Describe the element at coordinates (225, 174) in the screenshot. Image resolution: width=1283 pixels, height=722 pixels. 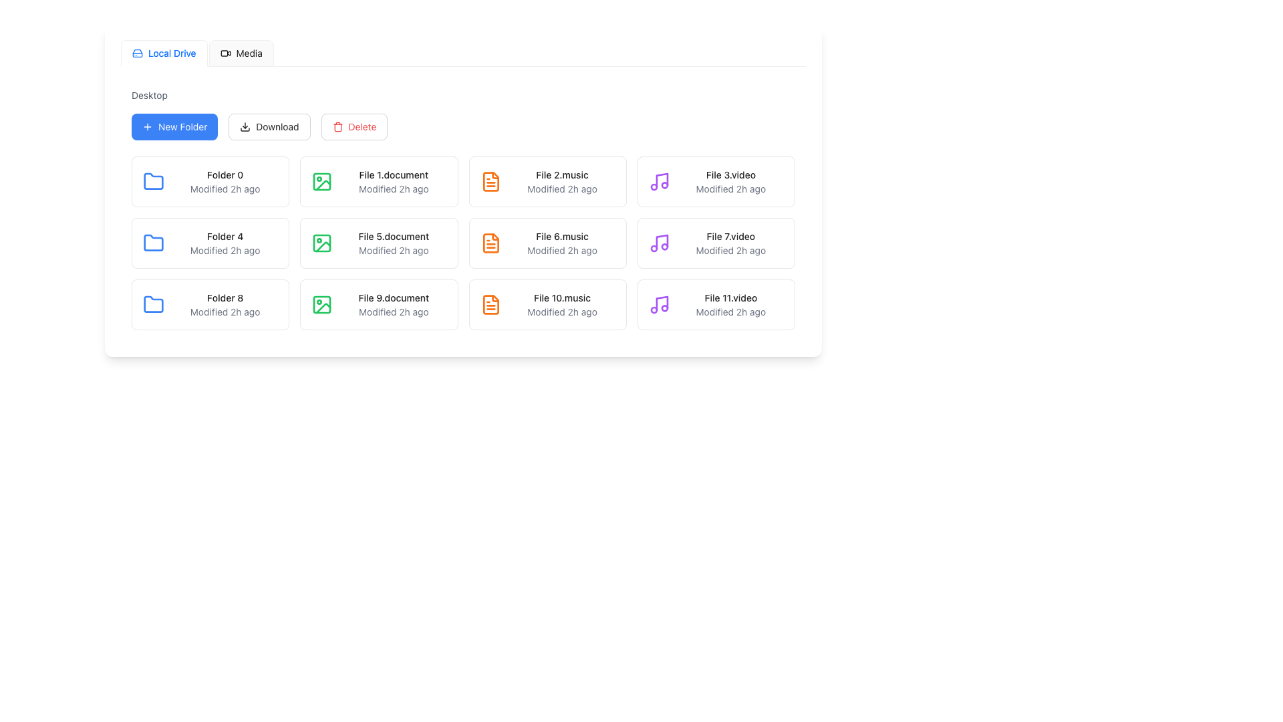
I see `the text label reading 'Folder 0'` at that location.